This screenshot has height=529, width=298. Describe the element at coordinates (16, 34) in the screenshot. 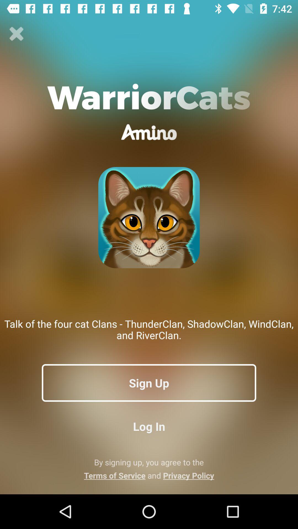

I see `the close icon` at that location.